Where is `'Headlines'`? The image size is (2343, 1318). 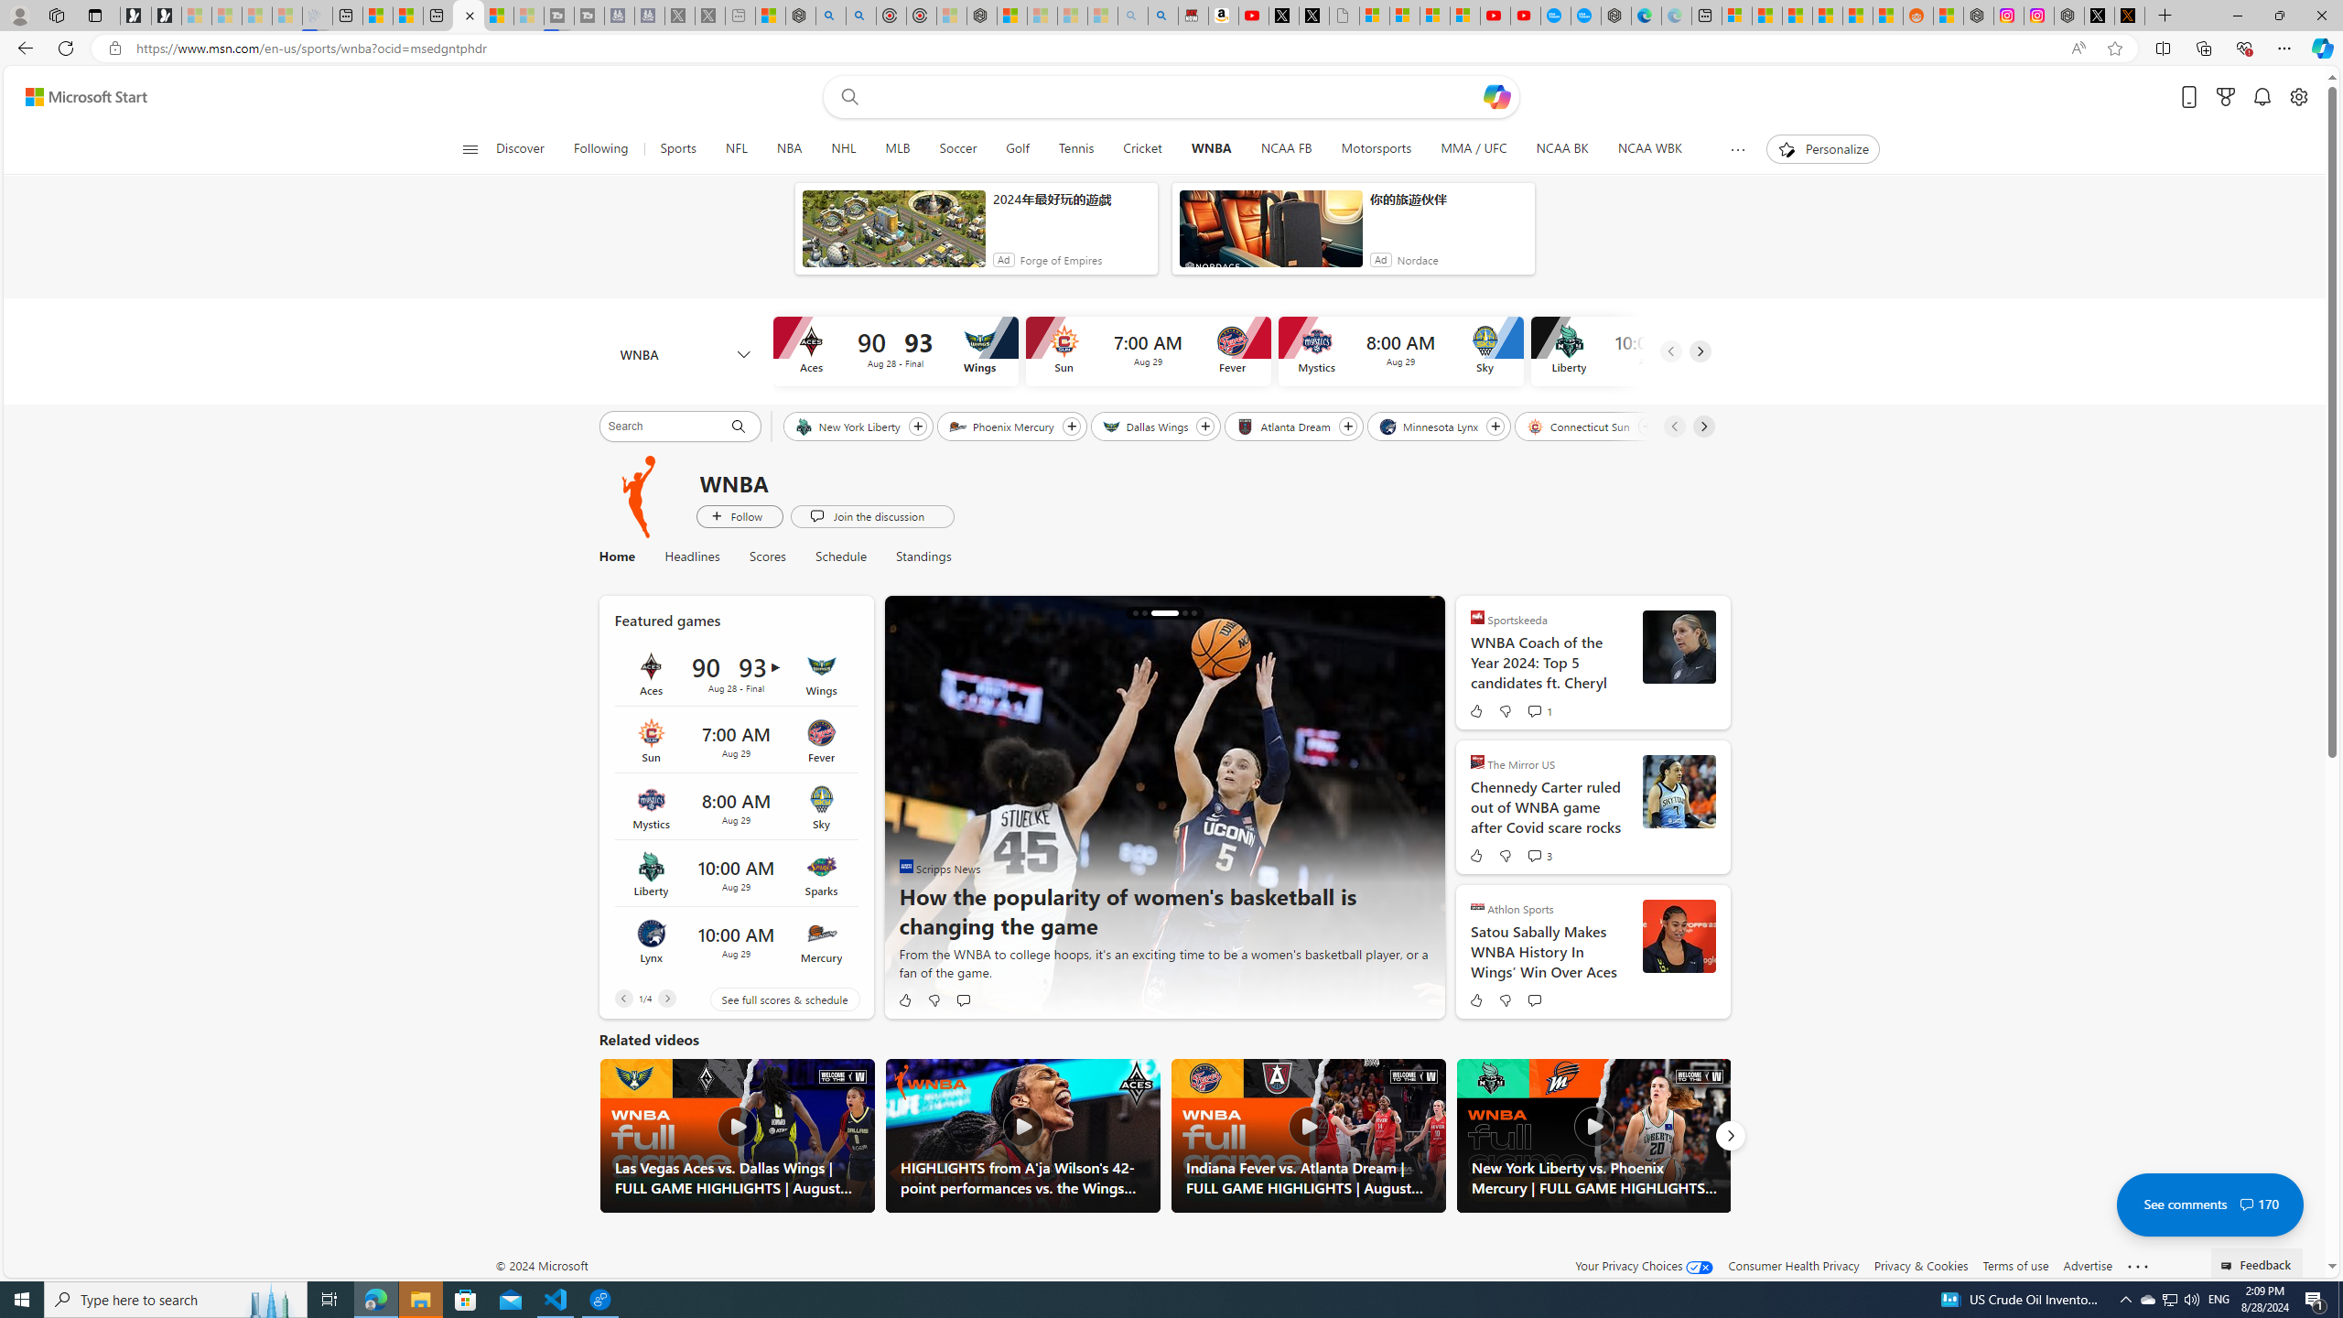
'Headlines' is located at coordinates (691, 556).